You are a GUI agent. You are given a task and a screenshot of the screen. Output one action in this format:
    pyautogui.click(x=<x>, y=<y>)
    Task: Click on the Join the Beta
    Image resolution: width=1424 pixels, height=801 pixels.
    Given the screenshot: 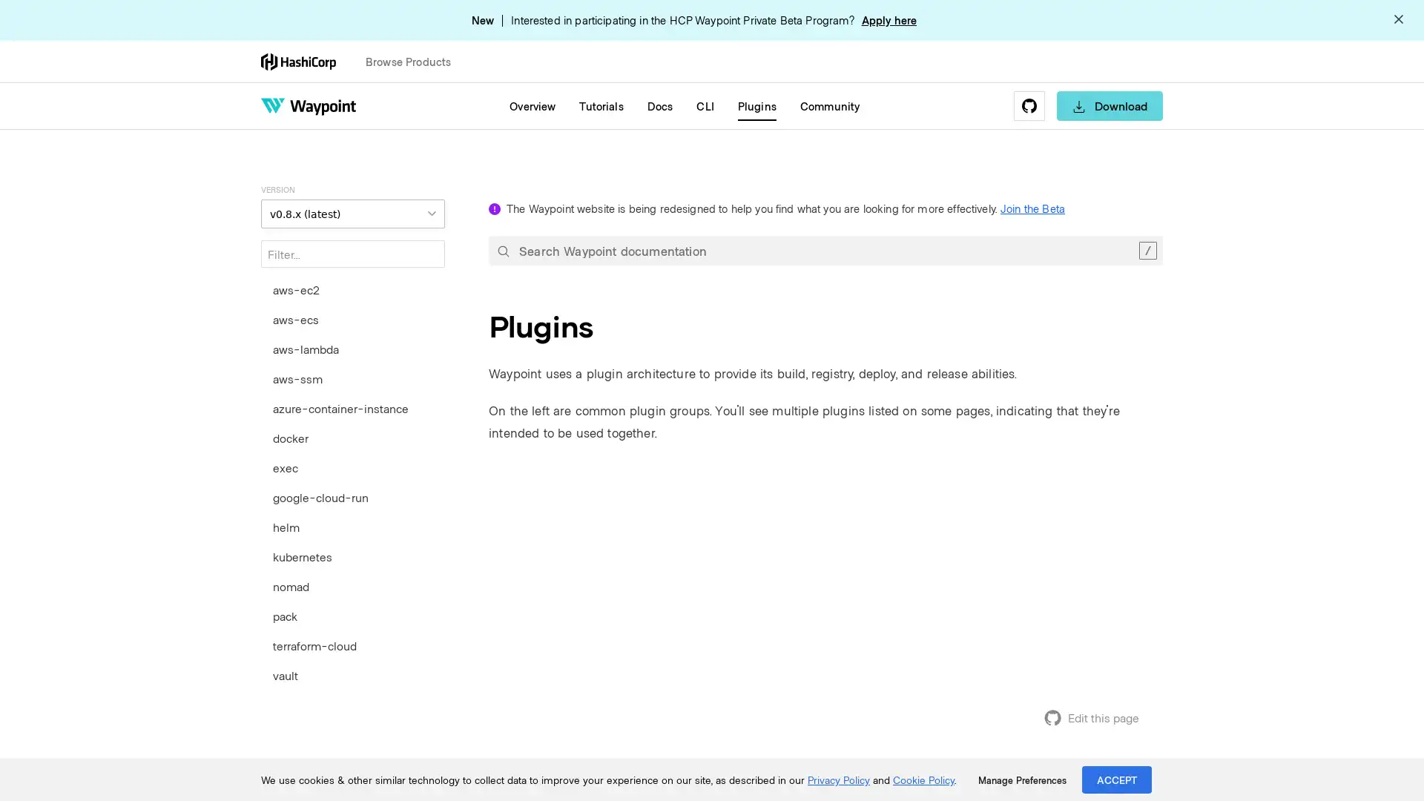 What is the action you would take?
    pyautogui.click(x=1032, y=208)
    